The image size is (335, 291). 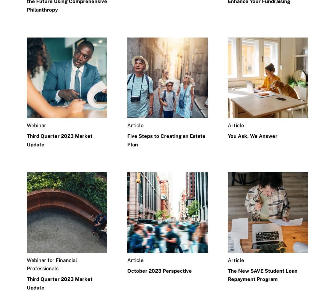 What do you see at coordinates (190, 281) in the screenshot?
I see `'Legal Disclaimer'` at bounding box center [190, 281].